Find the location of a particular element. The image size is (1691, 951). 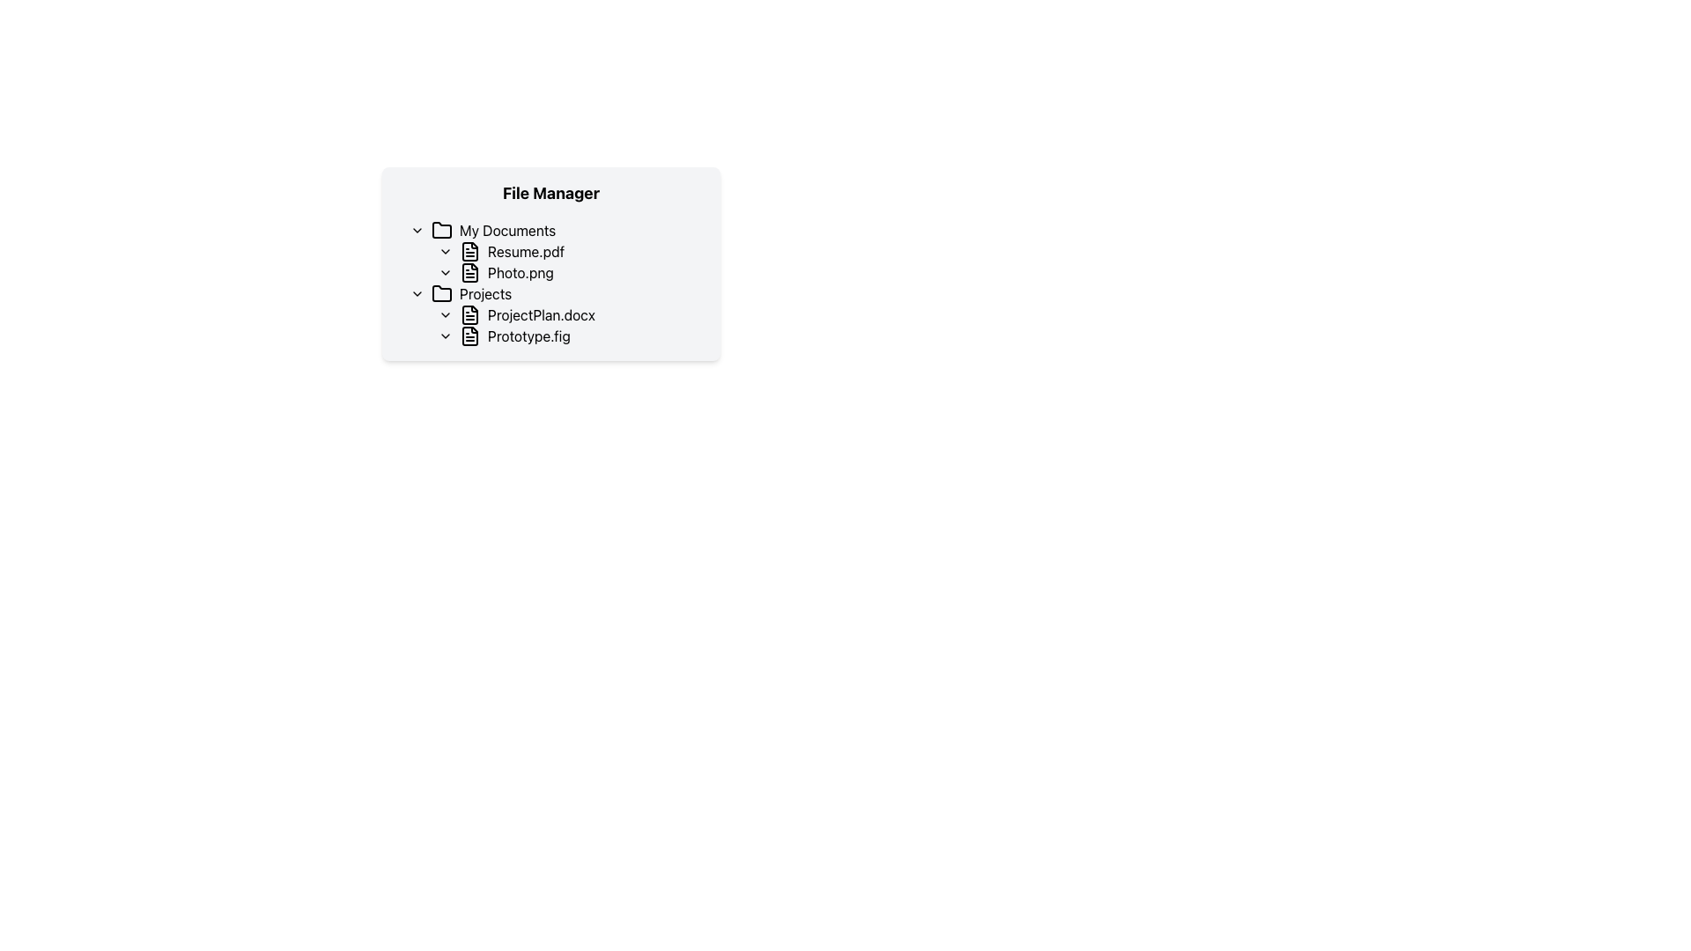

the second list item in the 'My Documents' section labeled 'Photo.png' is located at coordinates (550, 264).